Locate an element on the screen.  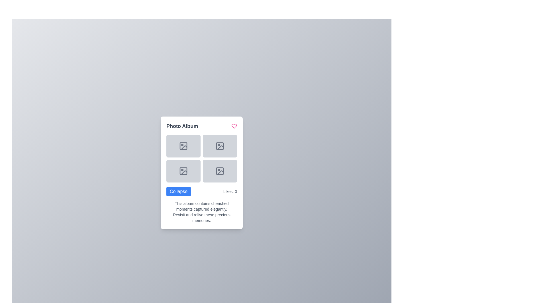
the downward-sloping line within the photo placeholder icon in the bottom-left of the 2x2 grid in the 'Photo Album' panel is located at coordinates (184, 172).